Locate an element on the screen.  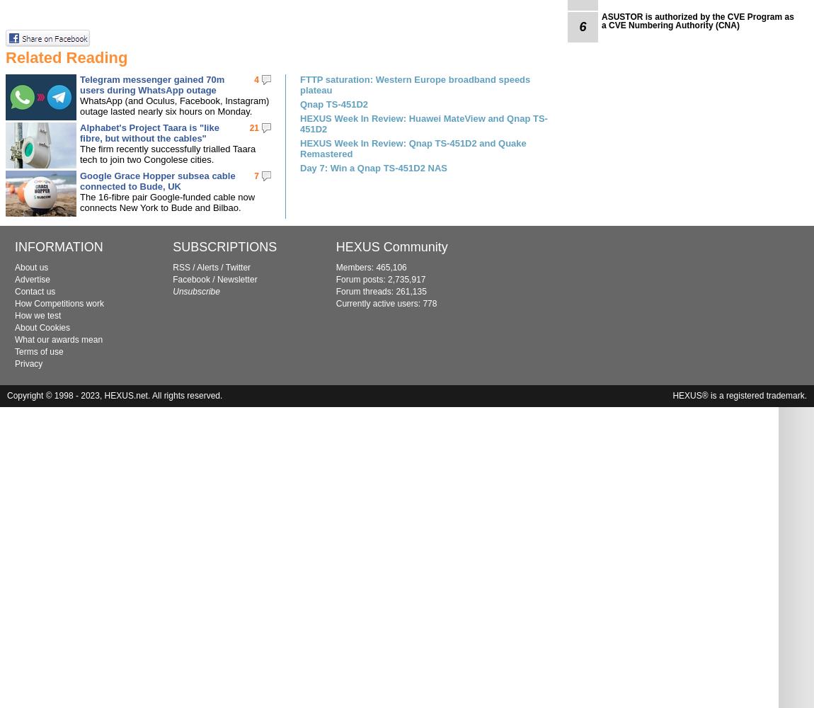
'How Competitions work' is located at coordinates (14, 304).